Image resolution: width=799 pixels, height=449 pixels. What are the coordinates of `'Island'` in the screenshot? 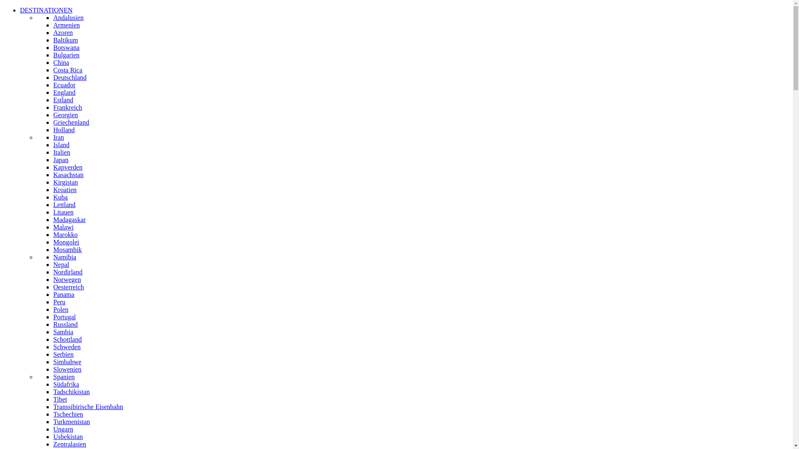 It's located at (61, 144).